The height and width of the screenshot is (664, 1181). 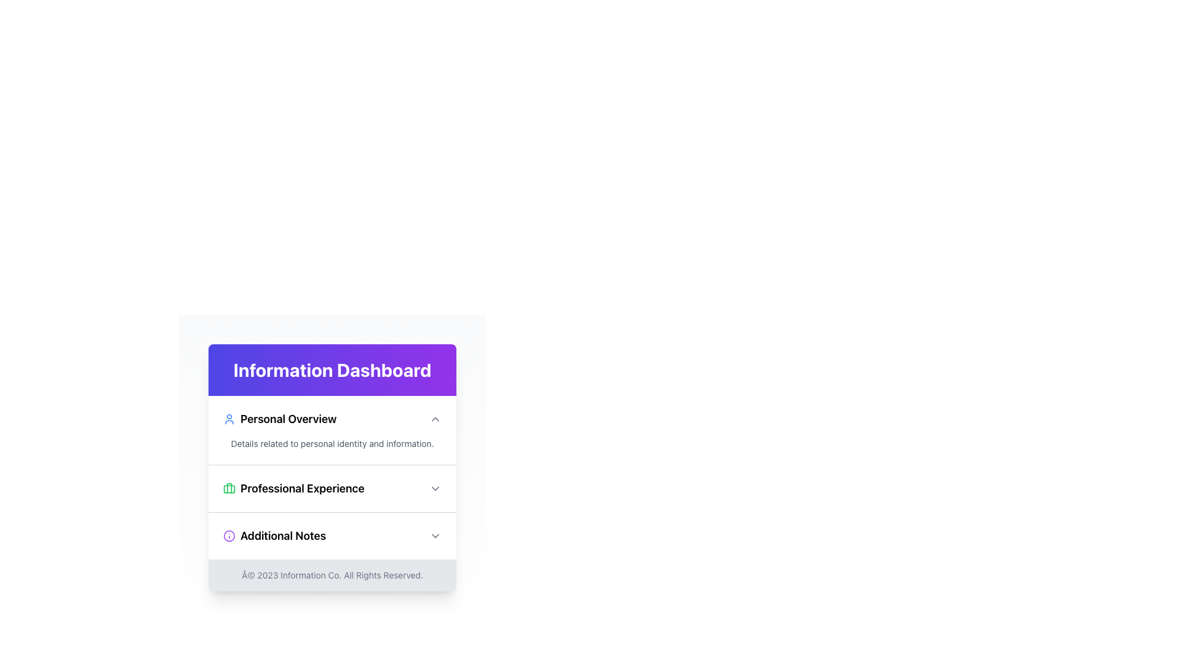 What do you see at coordinates (435, 419) in the screenshot?
I see `the small gray chevron arrow pointing upwards located next to the 'Personal Overview' text` at bounding box center [435, 419].